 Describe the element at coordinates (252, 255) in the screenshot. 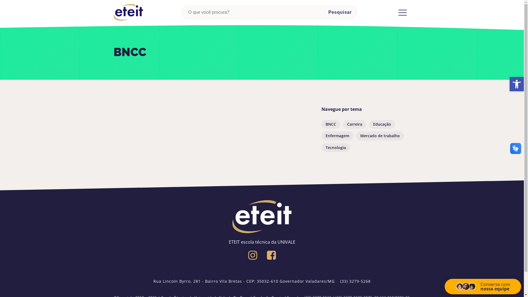

I see `'Siga-nos no Instagram'` at that location.